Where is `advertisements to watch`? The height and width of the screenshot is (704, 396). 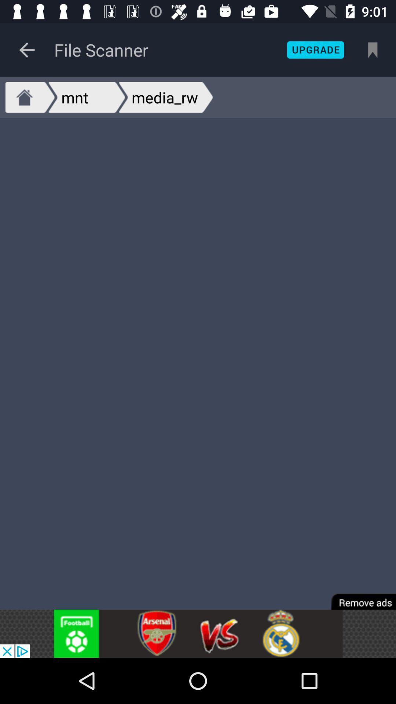
advertisements to watch is located at coordinates (198, 633).